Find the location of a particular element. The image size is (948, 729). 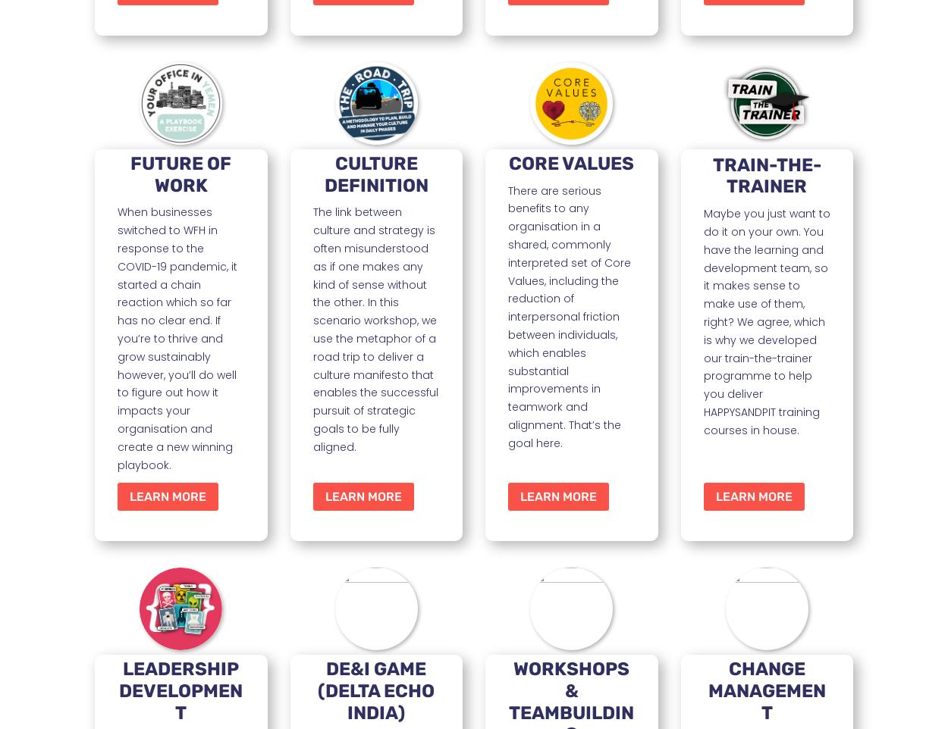

'When businesses switched to WFH in response to the COVID-19 pandemic, it started a chain reaction which so far has no clear end. If you’re to thrive and grow sustainably however, you’ll do well to figure out how it impacts your organisation and create a new winning playbook.' is located at coordinates (177, 338).